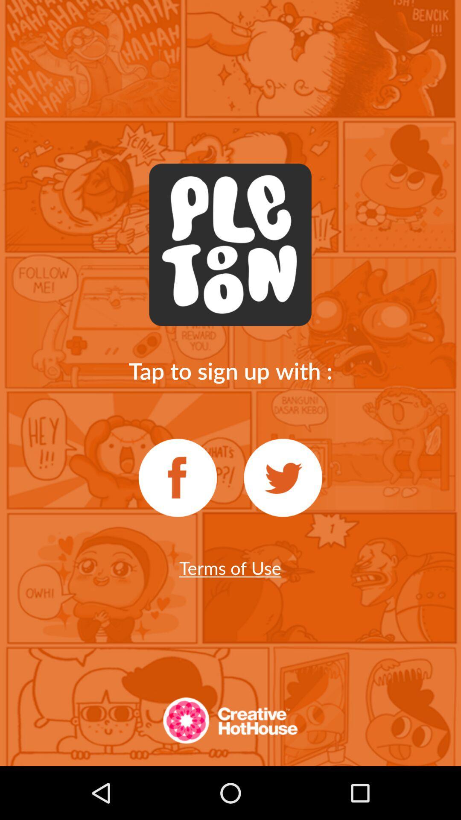 The height and width of the screenshot is (820, 461). I want to click on sign up with twitter, so click(283, 477).